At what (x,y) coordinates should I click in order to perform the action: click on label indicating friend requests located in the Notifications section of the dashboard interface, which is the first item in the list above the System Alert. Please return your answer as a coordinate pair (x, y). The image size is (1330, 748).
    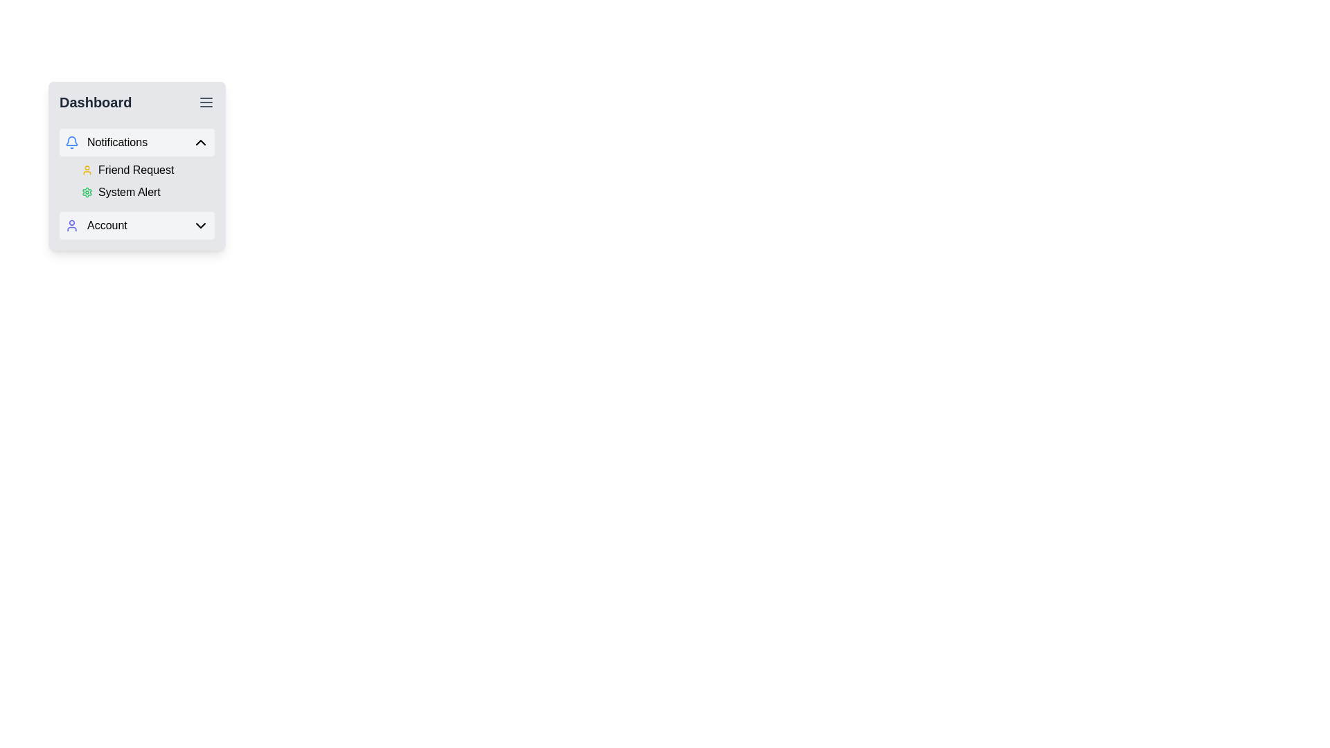
    Looking at the image, I should click on (148, 170).